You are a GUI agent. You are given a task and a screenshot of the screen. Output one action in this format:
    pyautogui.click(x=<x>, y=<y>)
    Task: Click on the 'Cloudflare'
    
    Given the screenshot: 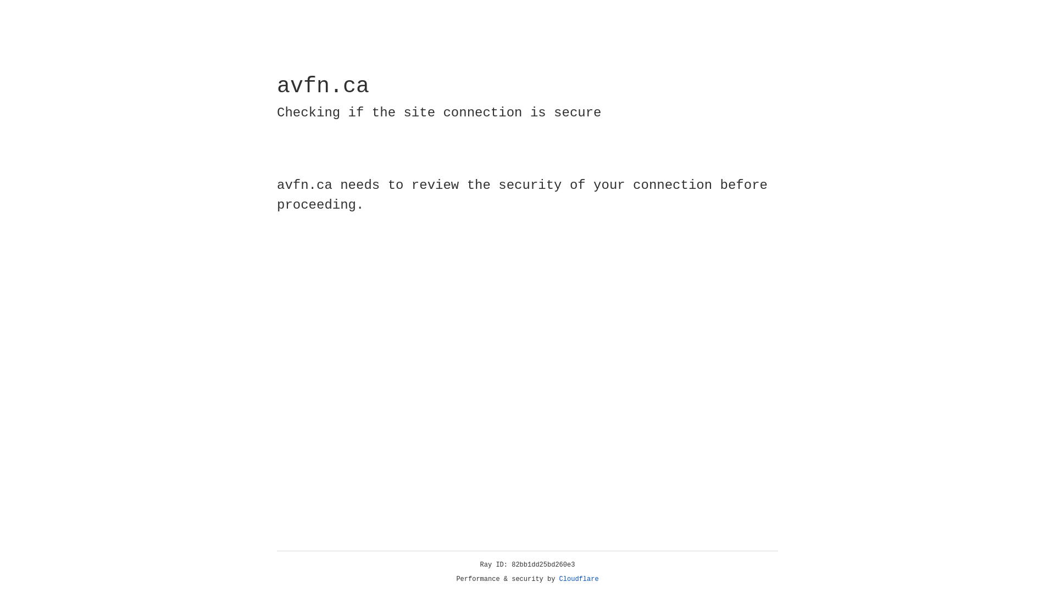 What is the action you would take?
    pyautogui.click(x=559, y=579)
    